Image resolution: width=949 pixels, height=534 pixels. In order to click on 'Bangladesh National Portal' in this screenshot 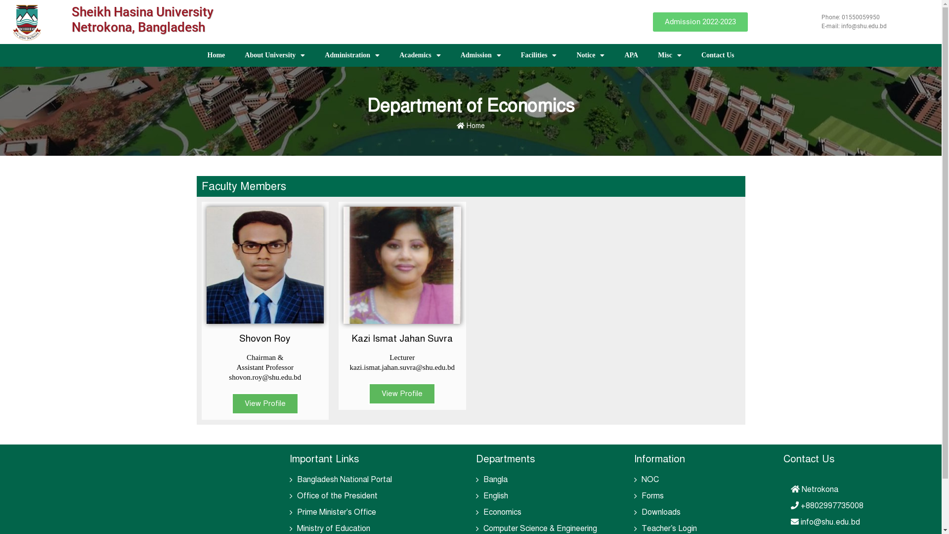, I will do `click(344, 479)`.